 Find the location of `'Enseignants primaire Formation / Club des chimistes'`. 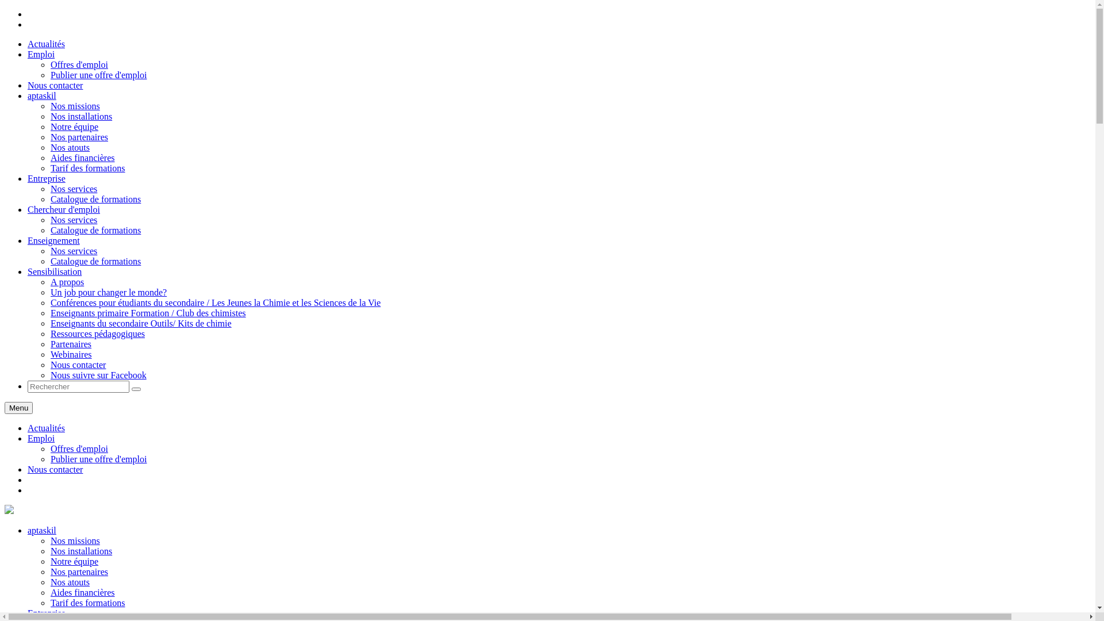

'Enseignants primaire Formation / Club des chimistes' is located at coordinates (148, 313).